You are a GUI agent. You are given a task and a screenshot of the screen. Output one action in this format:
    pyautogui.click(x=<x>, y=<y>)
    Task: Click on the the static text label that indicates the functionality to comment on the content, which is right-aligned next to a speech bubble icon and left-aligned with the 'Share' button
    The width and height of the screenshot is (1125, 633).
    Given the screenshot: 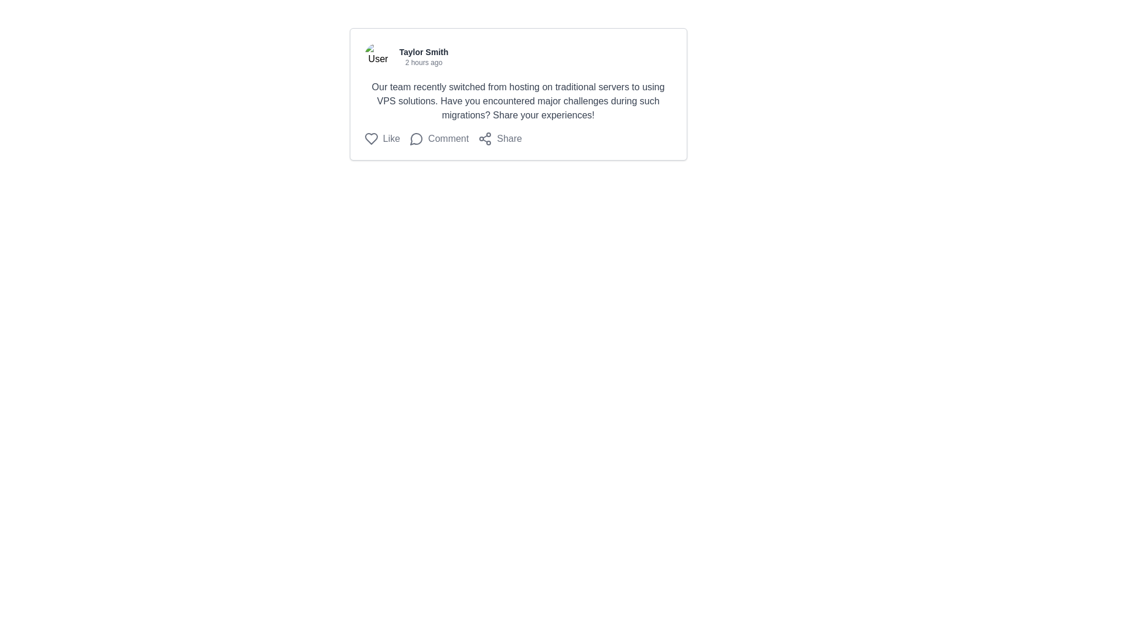 What is the action you would take?
    pyautogui.click(x=448, y=138)
    